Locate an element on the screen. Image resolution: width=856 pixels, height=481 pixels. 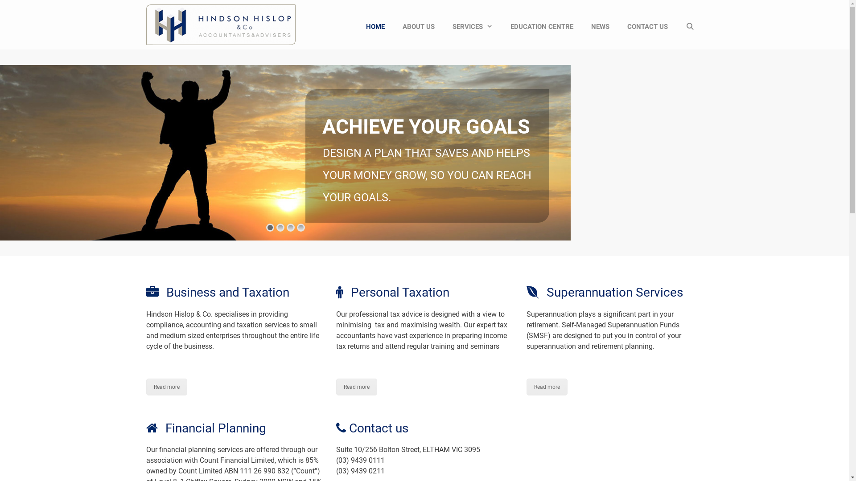
'ABOUT US' is located at coordinates (418, 26).